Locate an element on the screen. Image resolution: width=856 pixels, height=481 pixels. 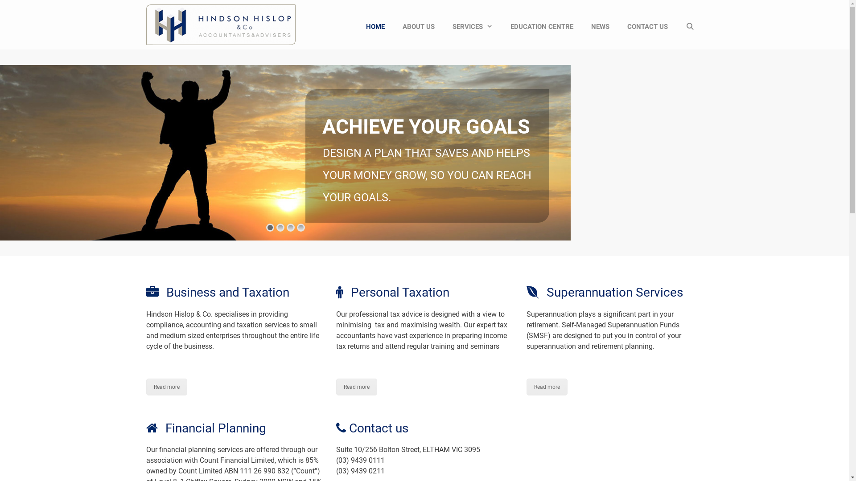
'ABOUT US' is located at coordinates (418, 26).